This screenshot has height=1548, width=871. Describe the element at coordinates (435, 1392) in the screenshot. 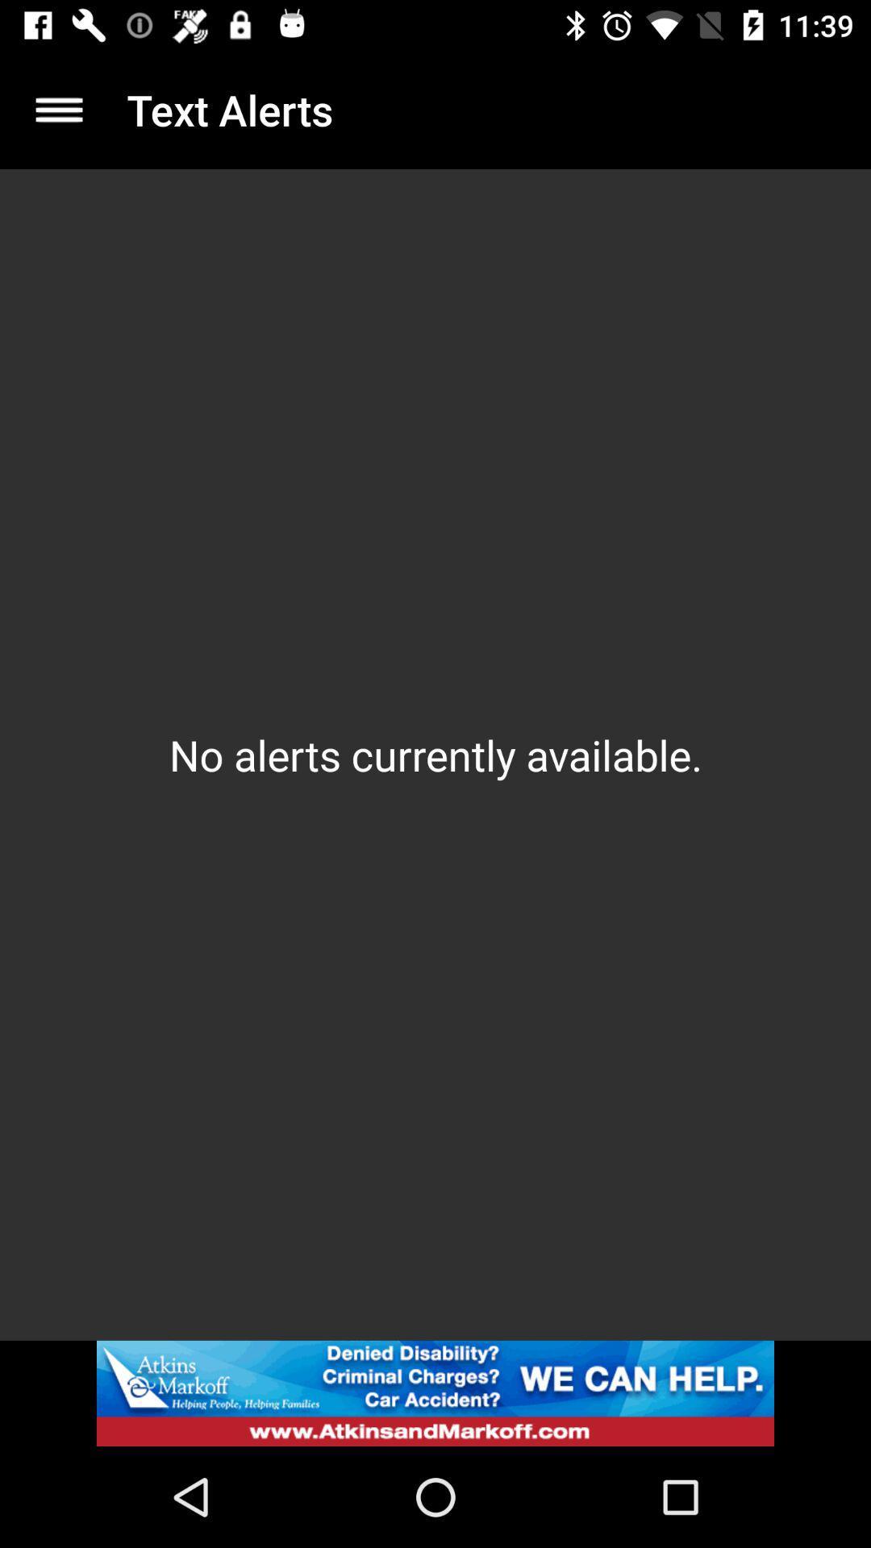

I see `click advertisement` at that location.